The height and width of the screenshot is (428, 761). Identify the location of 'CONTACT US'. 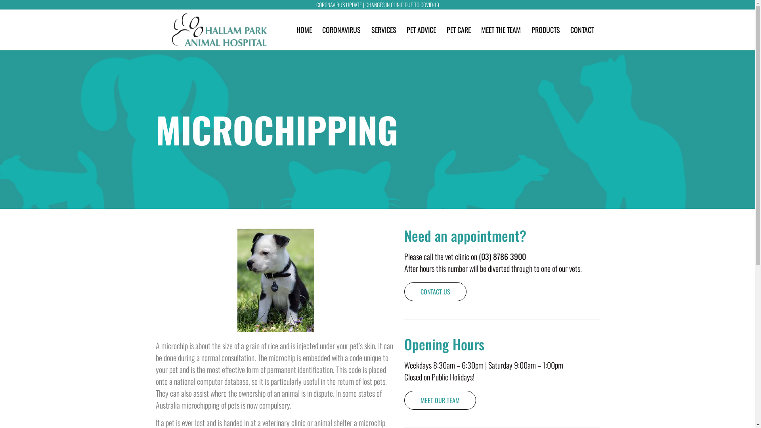
(435, 292).